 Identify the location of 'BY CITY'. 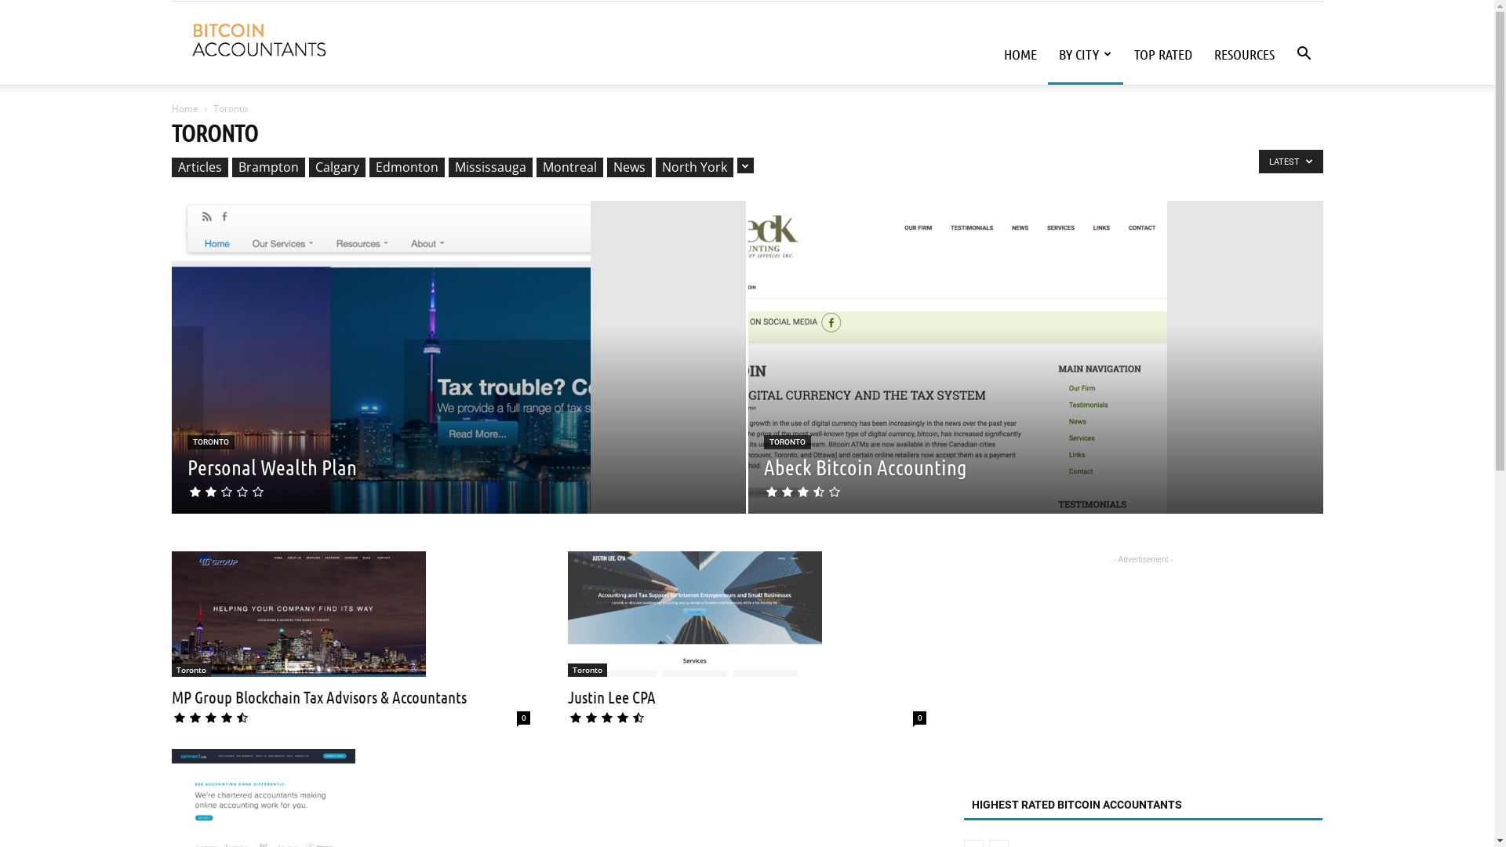
(1084, 53).